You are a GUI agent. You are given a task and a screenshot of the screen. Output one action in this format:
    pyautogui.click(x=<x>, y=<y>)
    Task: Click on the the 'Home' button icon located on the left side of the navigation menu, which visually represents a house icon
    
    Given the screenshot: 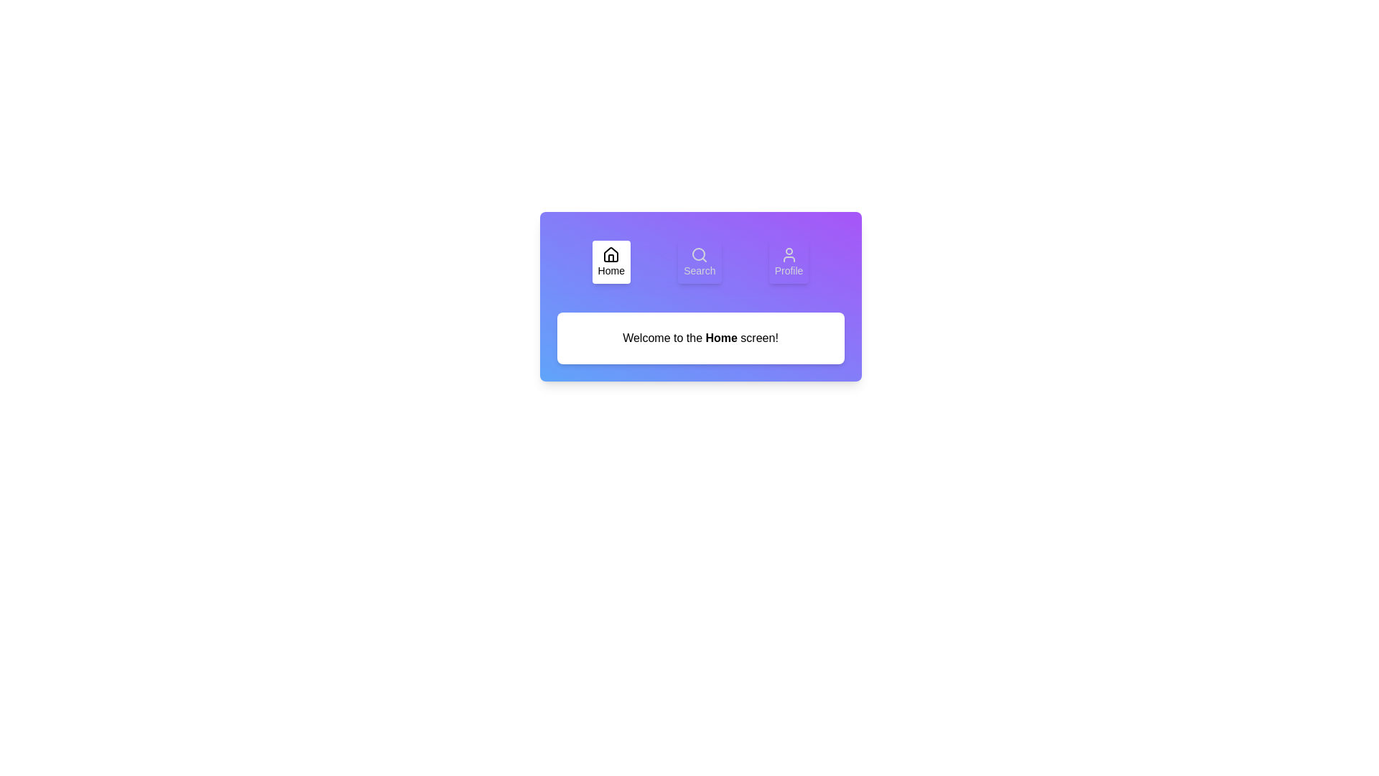 What is the action you would take?
    pyautogui.click(x=611, y=257)
    